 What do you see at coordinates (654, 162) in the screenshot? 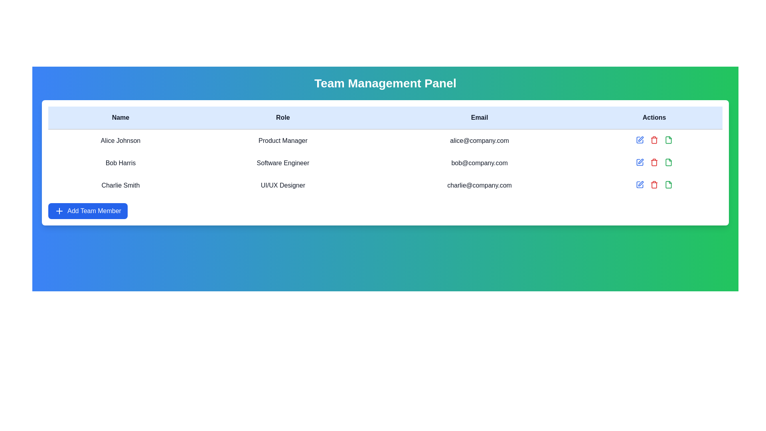
I see `the delete icon button for 'Bob Harris' to change its color to a darker red` at bounding box center [654, 162].